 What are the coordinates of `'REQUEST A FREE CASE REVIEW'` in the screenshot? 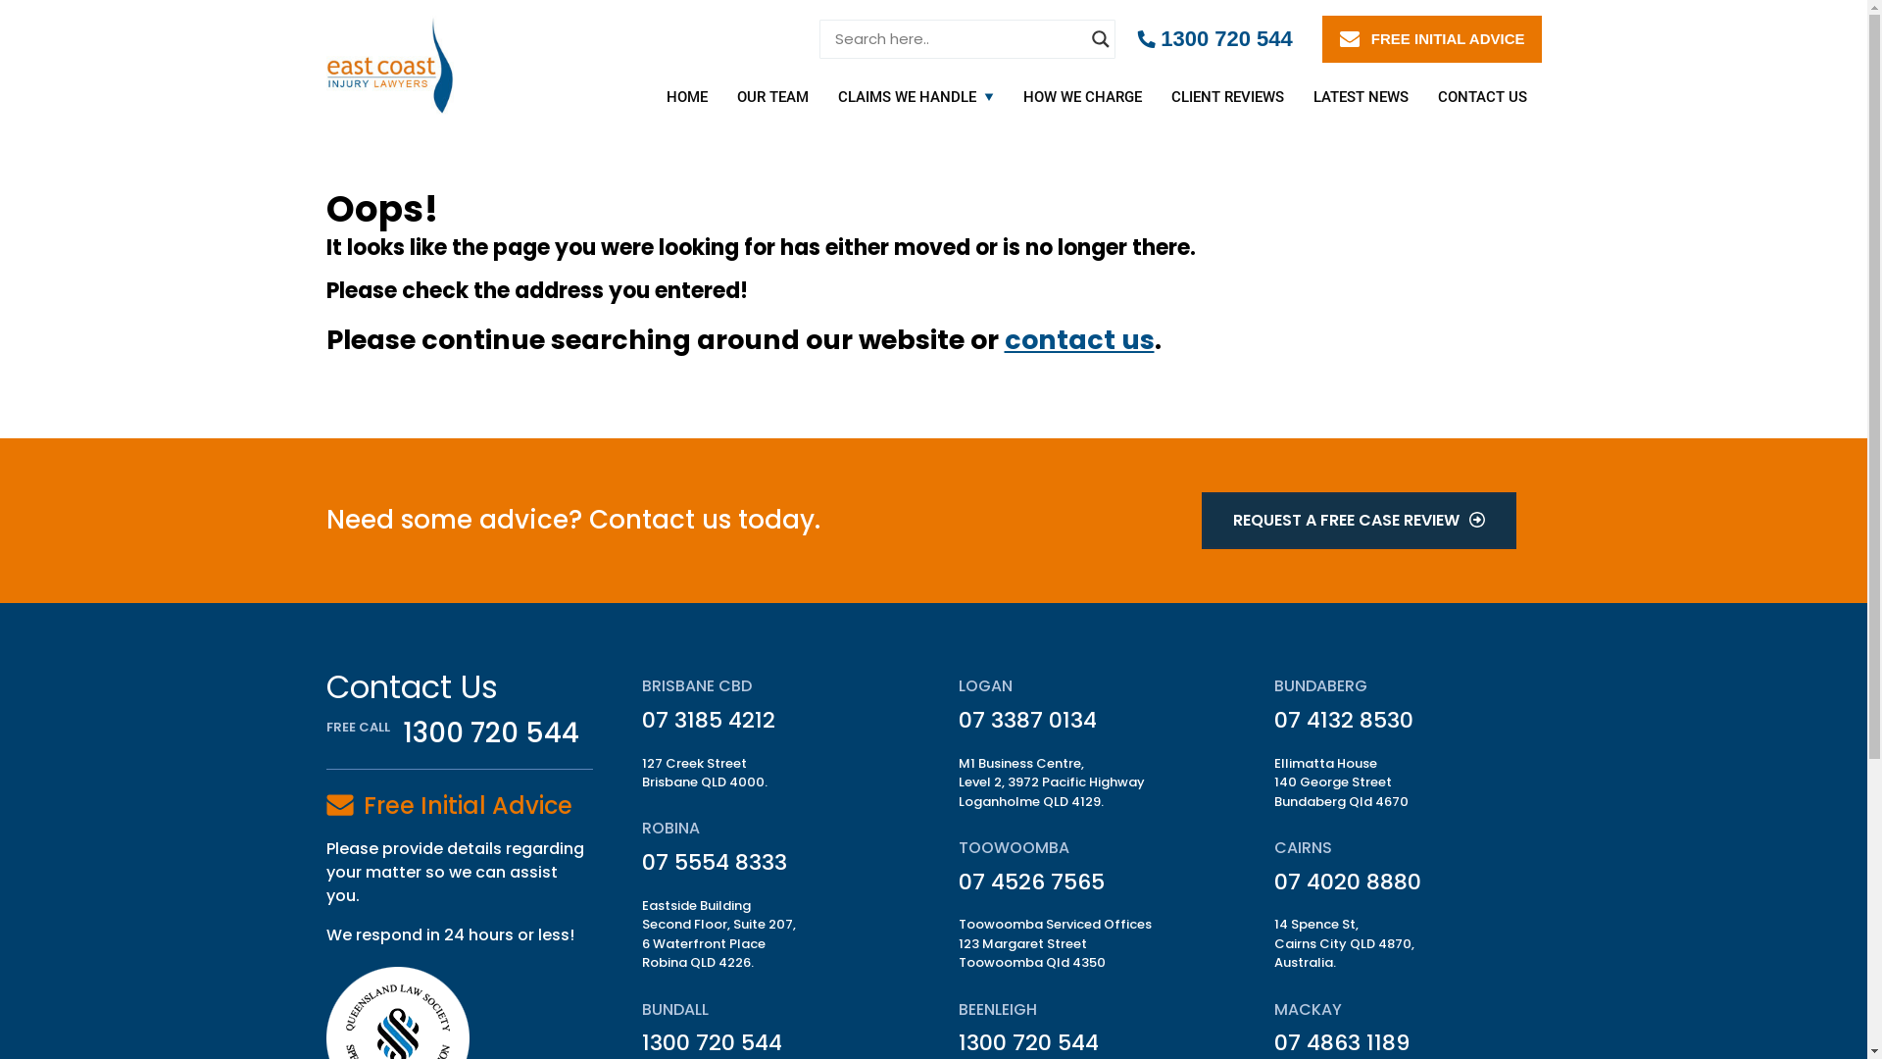 It's located at (1358, 520).